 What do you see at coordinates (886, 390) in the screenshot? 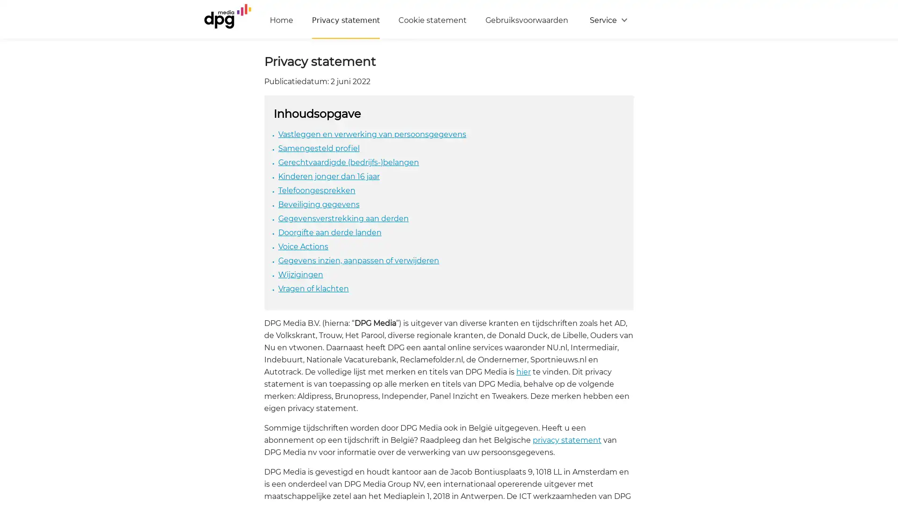
I see `close icon` at bounding box center [886, 390].